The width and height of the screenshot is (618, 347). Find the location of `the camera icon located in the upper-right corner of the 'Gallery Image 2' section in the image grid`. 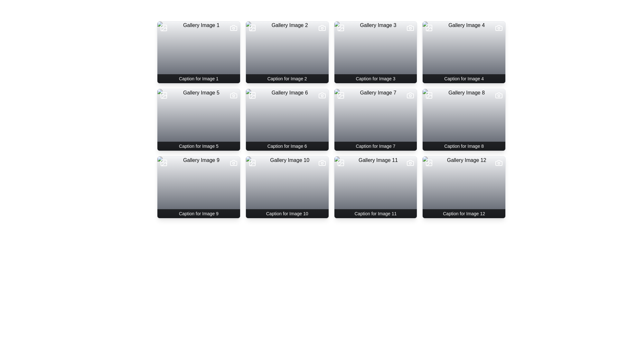

the camera icon located in the upper-right corner of the 'Gallery Image 2' section in the image grid is located at coordinates (322, 28).